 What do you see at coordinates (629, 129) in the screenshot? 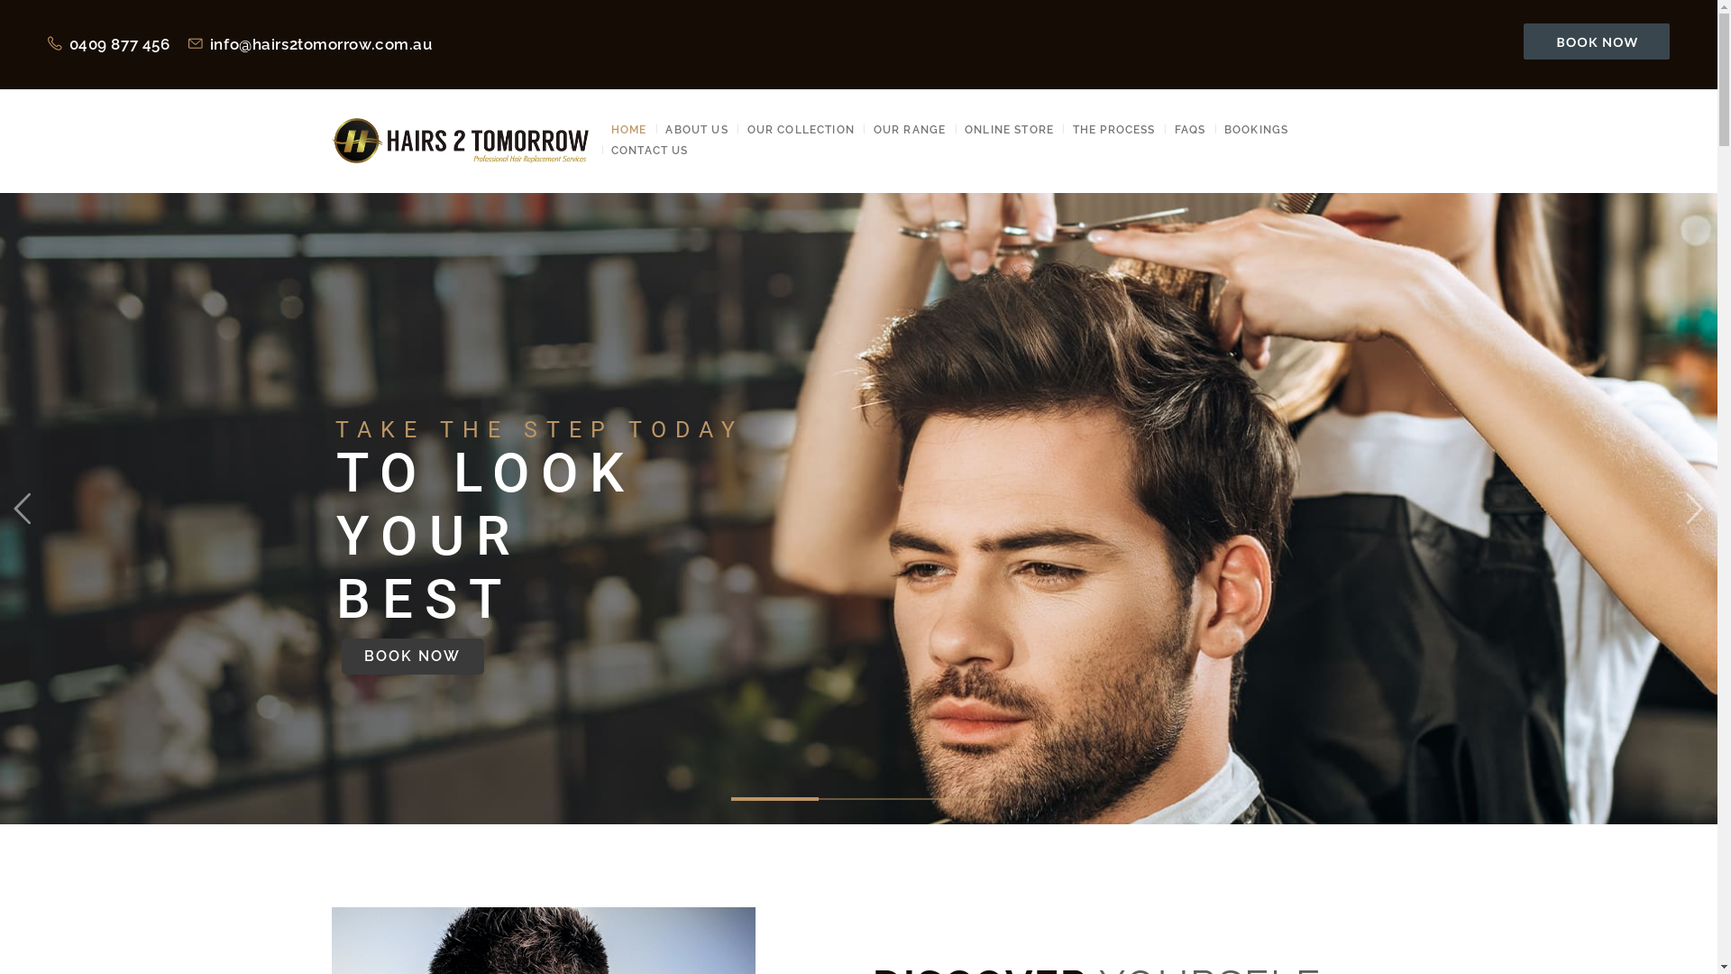
I see `'HOME'` at bounding box center [629, 129].